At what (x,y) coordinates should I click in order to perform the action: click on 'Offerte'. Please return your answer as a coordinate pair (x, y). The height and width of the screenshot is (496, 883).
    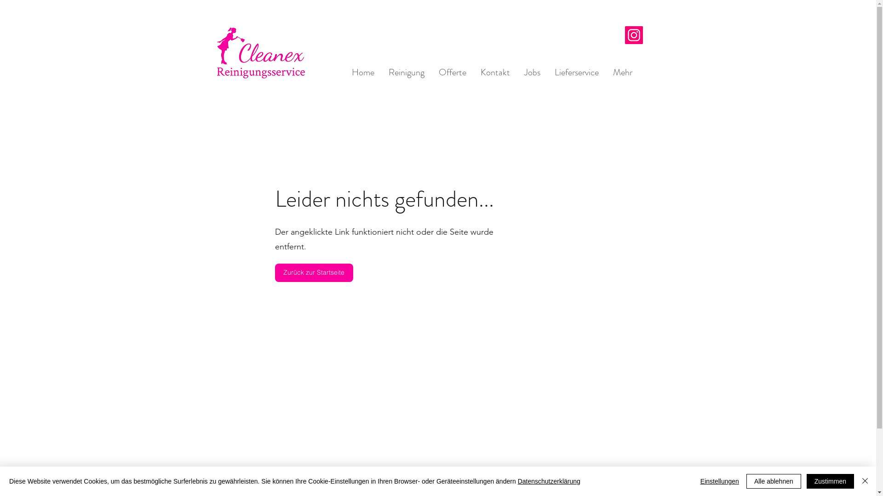
    Looking at the image, I should click on (452, 72).